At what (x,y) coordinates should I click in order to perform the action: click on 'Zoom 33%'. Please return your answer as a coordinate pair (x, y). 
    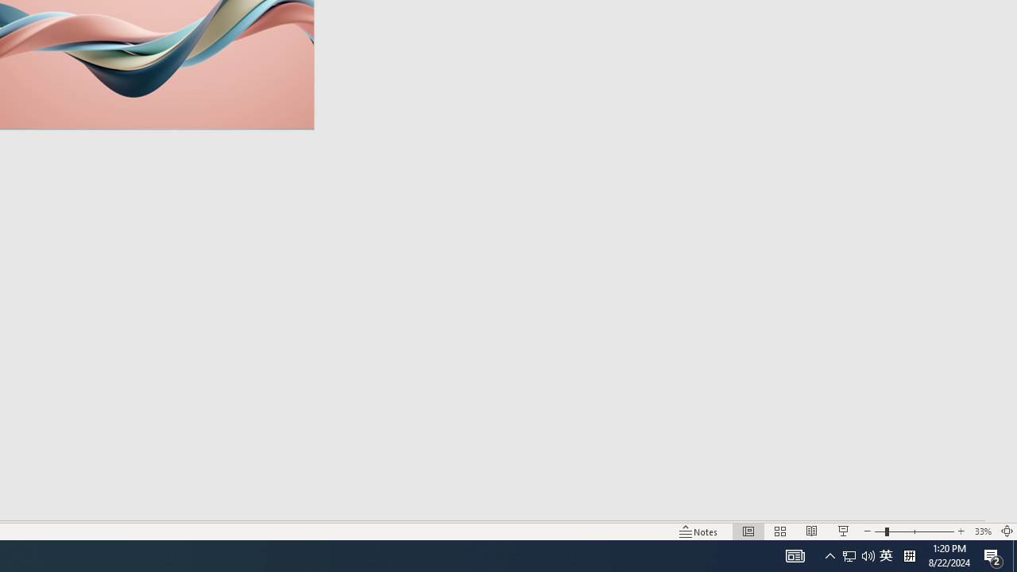
    Looking at the image, I should click on (982, 531).